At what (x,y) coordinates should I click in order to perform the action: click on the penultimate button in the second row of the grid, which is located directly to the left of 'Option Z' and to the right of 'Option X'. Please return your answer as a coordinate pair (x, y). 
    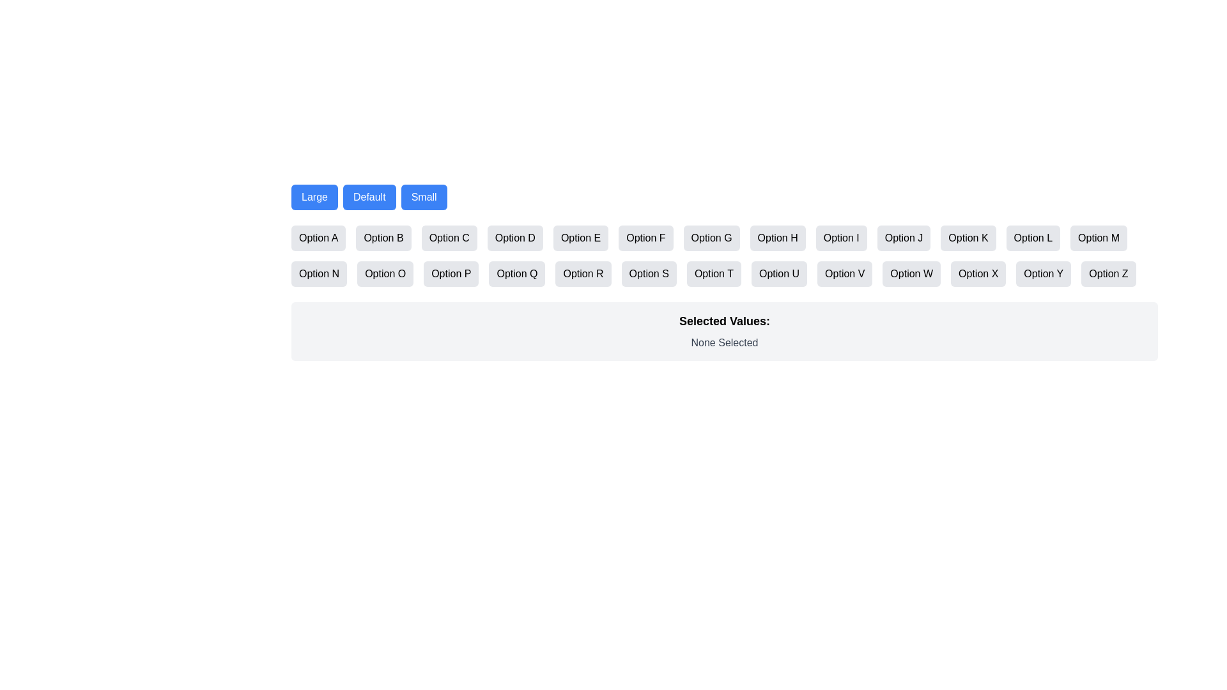
    Looking at the image, I should click on (1044, 273).